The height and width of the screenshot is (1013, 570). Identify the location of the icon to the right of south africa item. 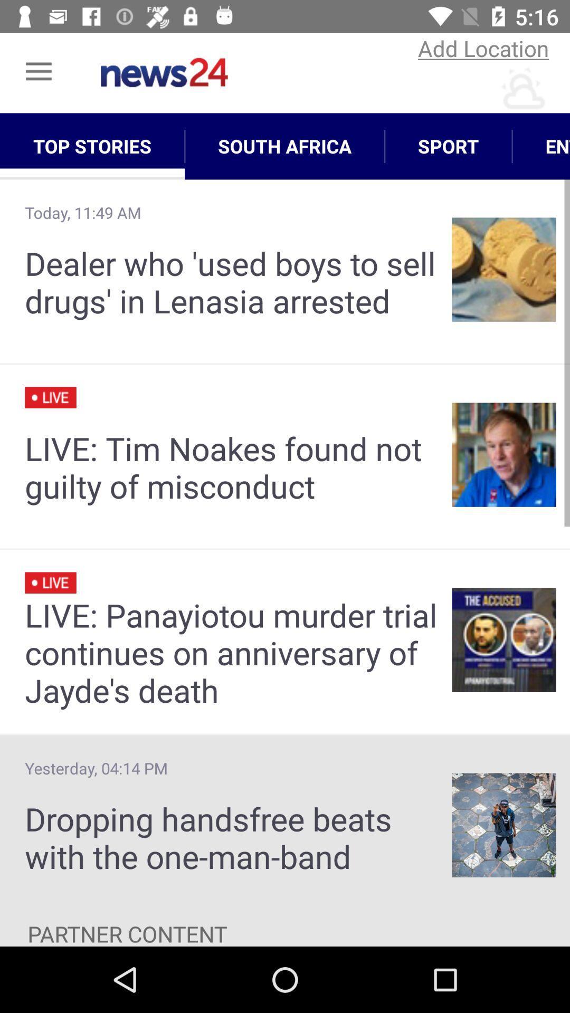
(448, 146).